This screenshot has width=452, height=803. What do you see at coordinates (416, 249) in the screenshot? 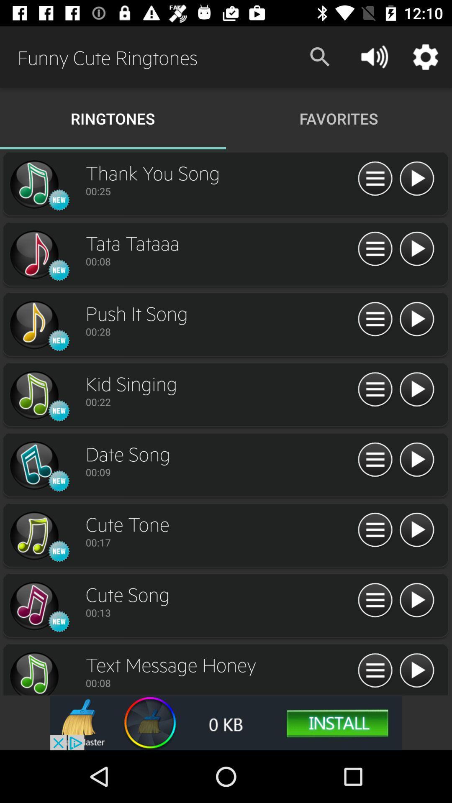
I see `ringtone` at bounding box center [416, 249].